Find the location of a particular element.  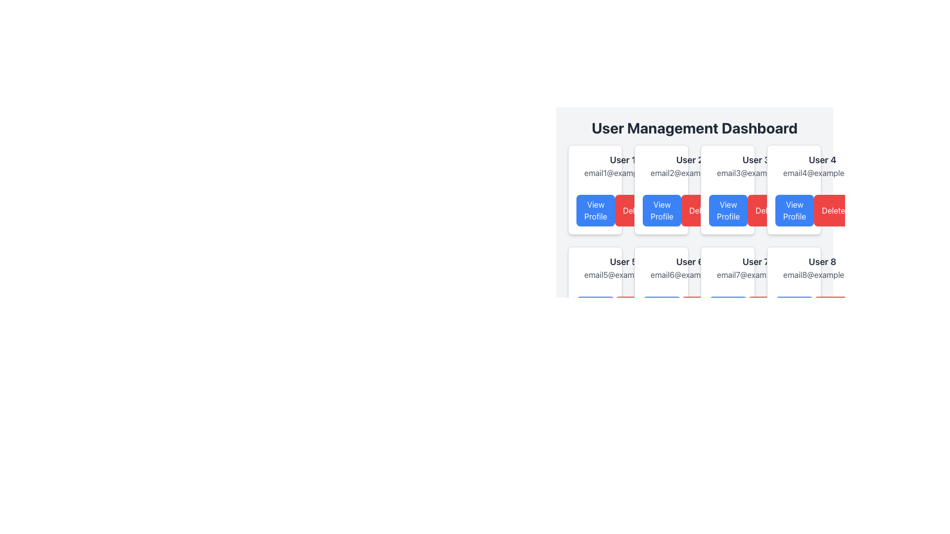

the 'View Profile' button, which is a rectangular button with rounded corners, a blue background, and white text, located is located at coordinates (595, 210).